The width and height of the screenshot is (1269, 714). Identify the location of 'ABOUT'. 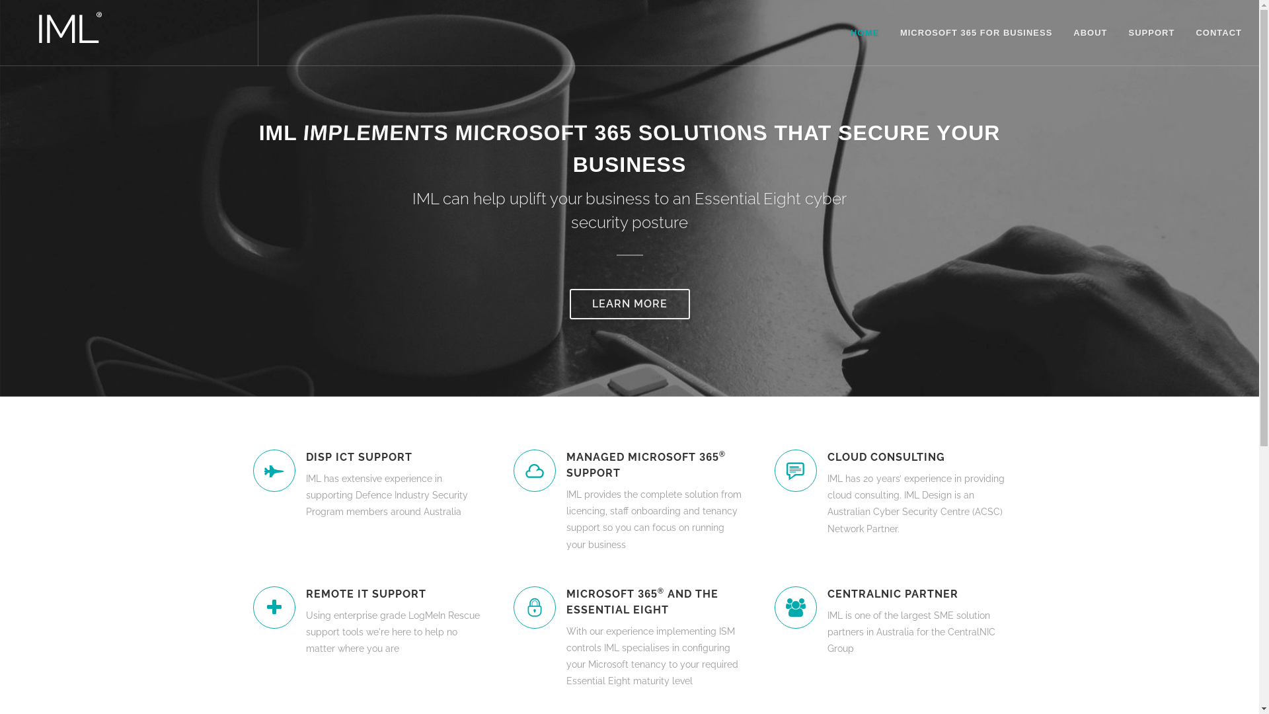
(1090, 32).